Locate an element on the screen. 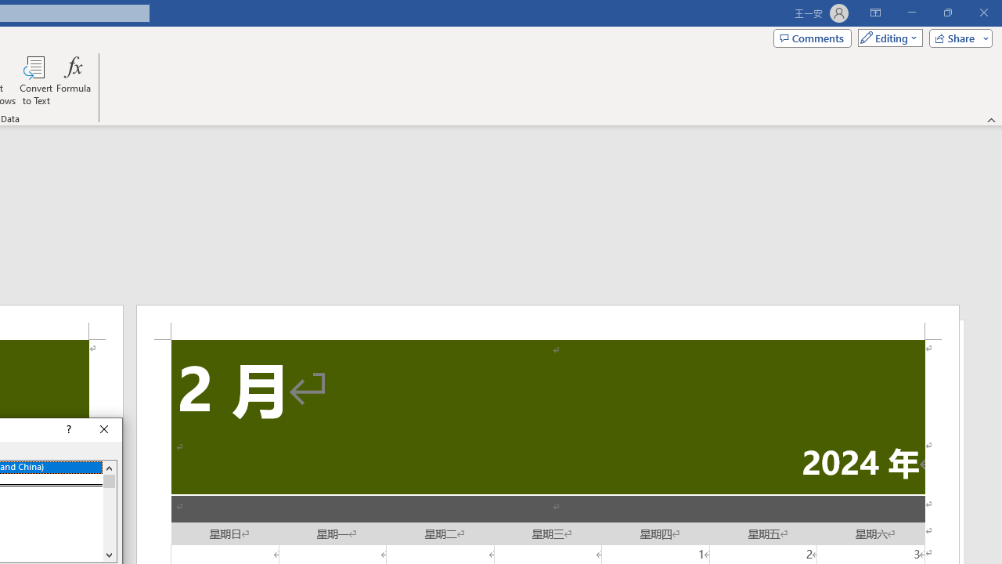  'Ribbon Display Options' is located at coordinates (874, 13).